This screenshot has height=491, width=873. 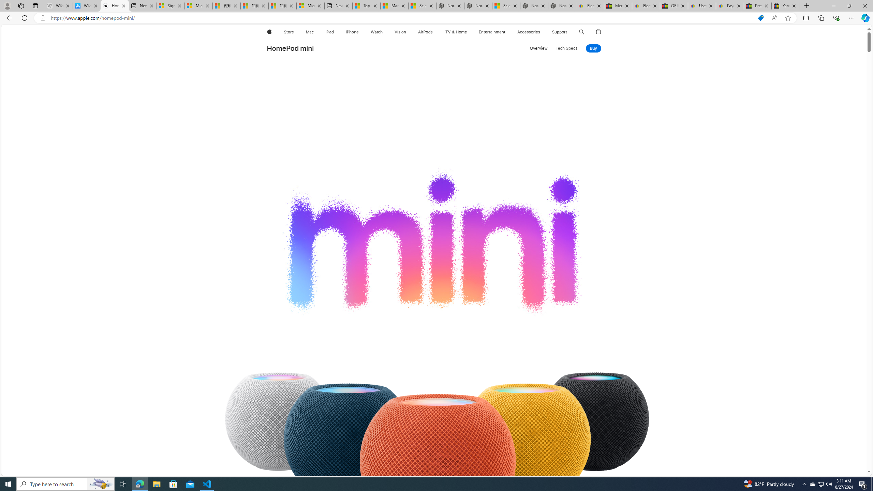 I want to click on 'Entertainment', so click(x=492, y=32).